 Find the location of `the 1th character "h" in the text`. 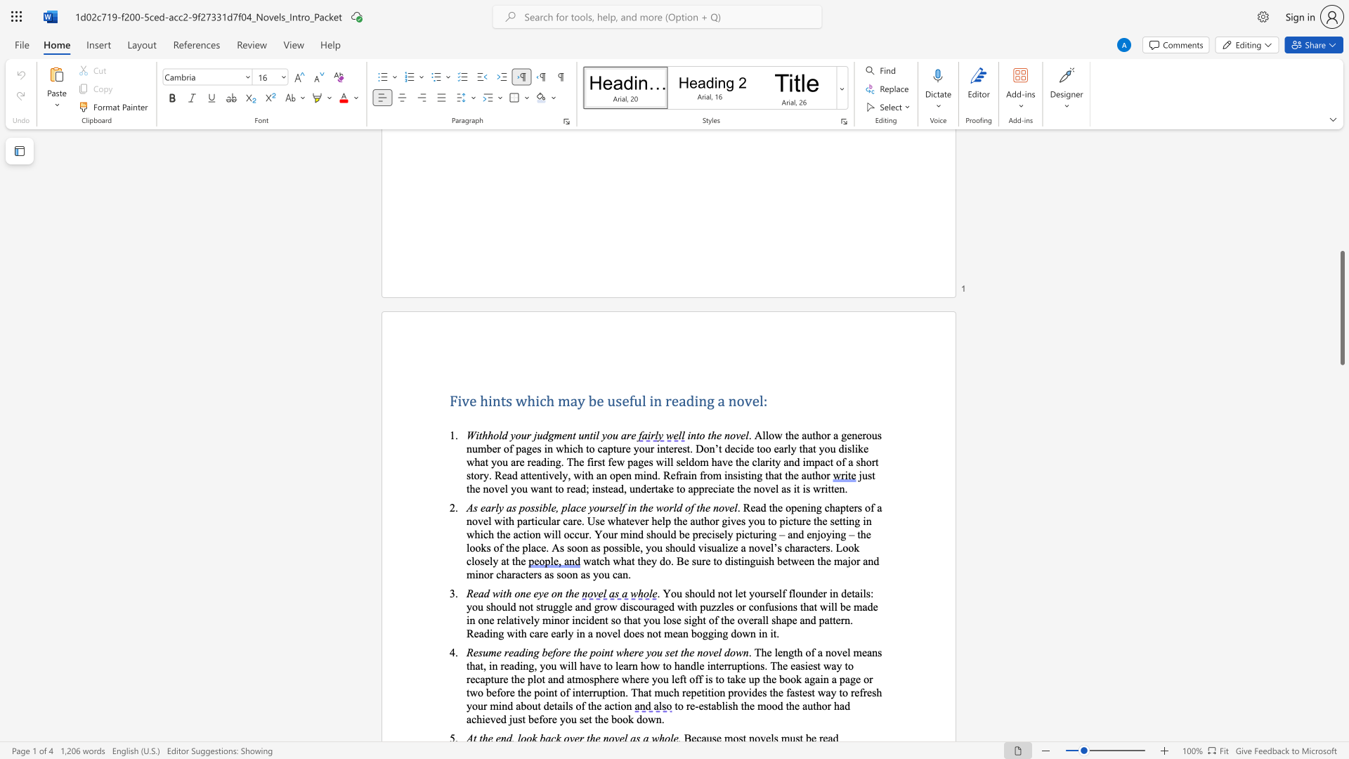

the 1th character "h" in the text is located at coordinates (805, 448).